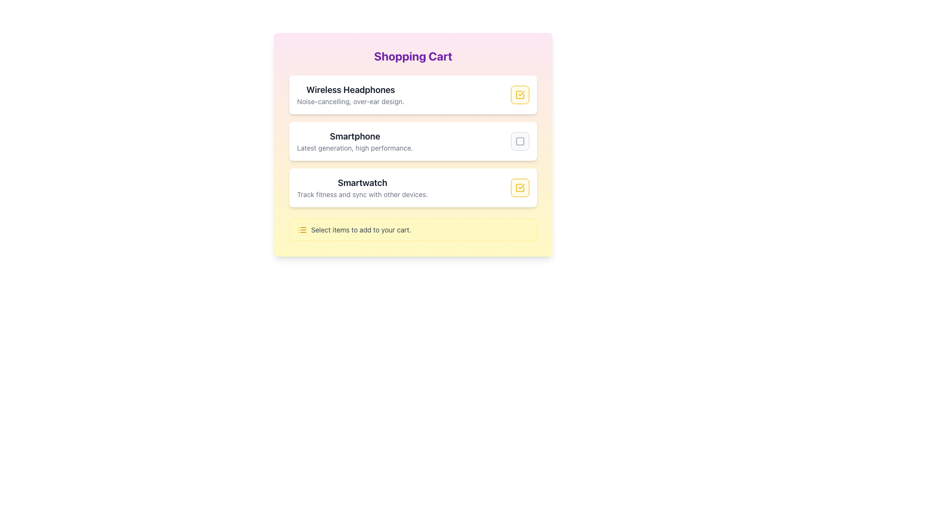  What do you see at coordinates (520, 188) in the screenshot?
I see `the checkbox located in the top-right corner of the 'Smartwatch' panel` at bounding box center [520, 188].